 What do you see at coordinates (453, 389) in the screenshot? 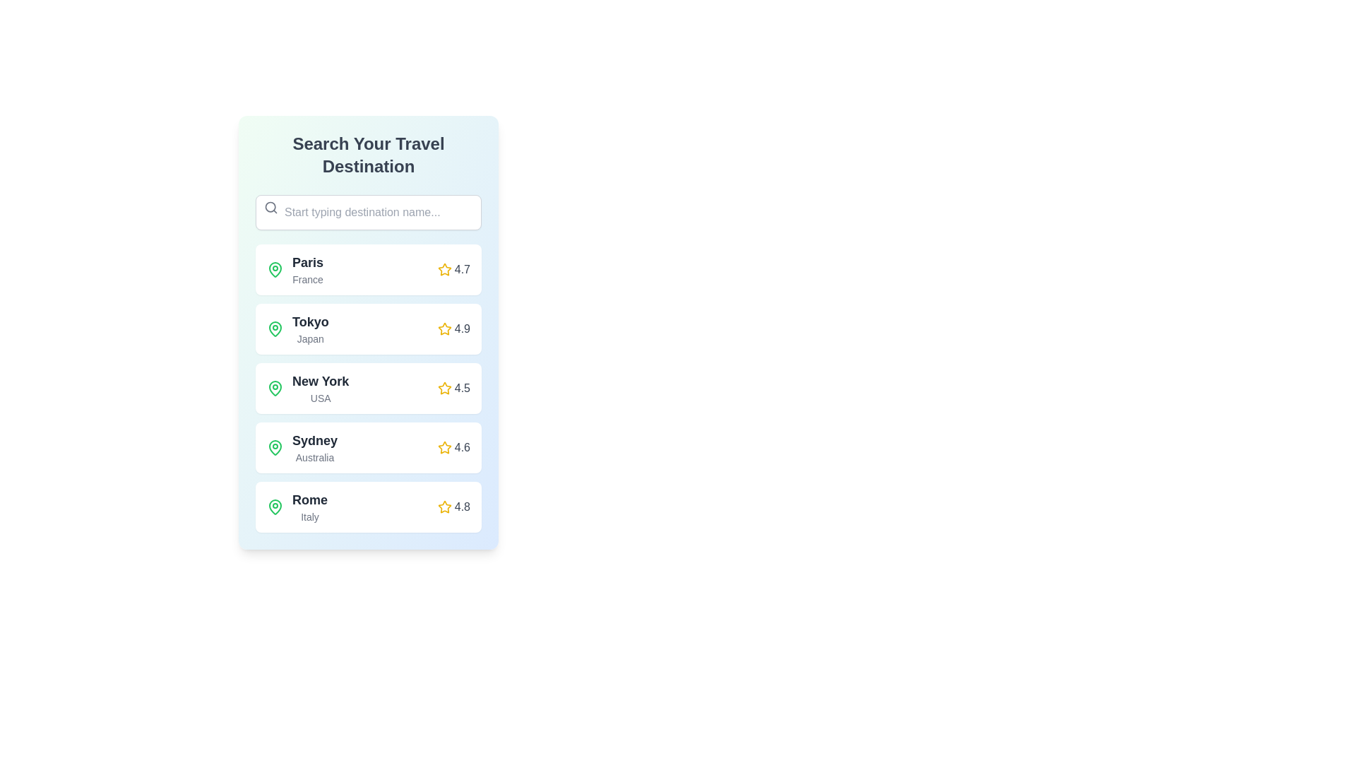
I see `the numeric value '4.5' displayed next to the star icon in the travel destination list for 'New York, USA'` at bounding box center [453, 389].